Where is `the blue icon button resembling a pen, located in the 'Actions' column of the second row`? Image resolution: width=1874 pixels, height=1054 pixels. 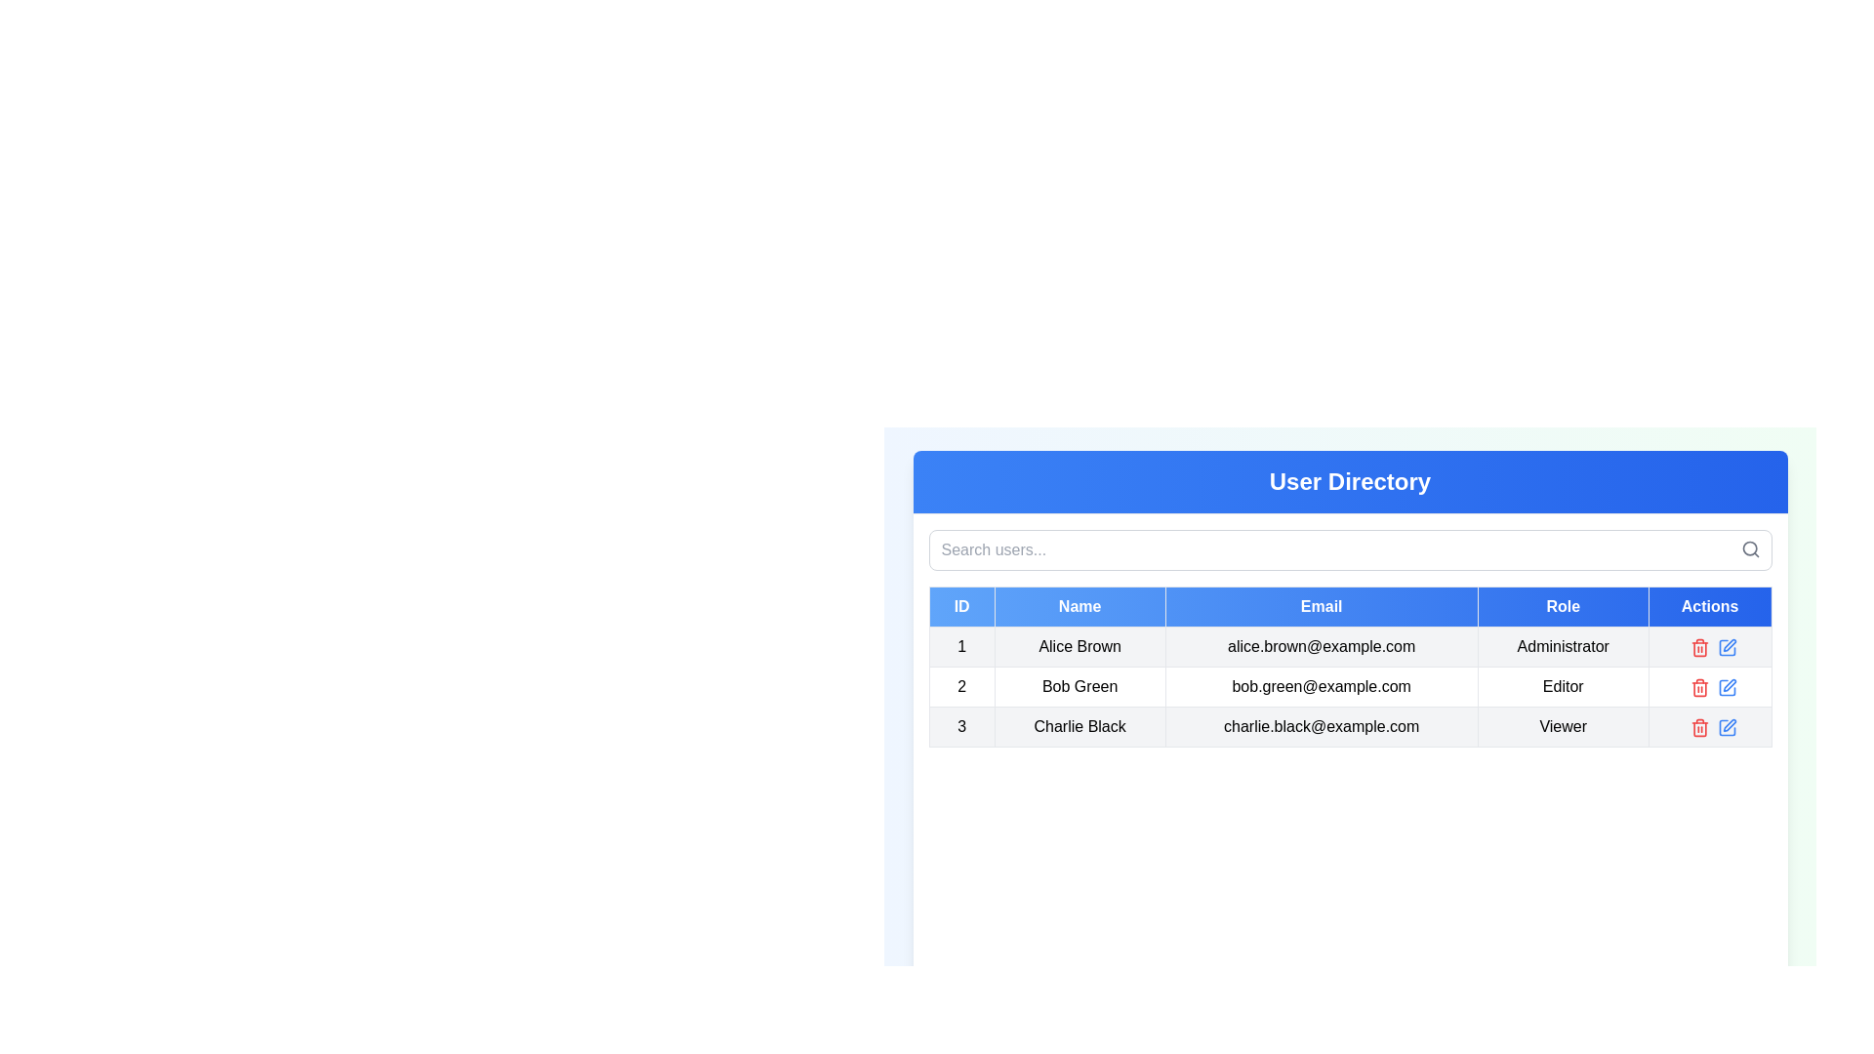
the blue icon button resembling a pen, located in the 'Actions' column of the second row is located at coordinates (1728, 686).